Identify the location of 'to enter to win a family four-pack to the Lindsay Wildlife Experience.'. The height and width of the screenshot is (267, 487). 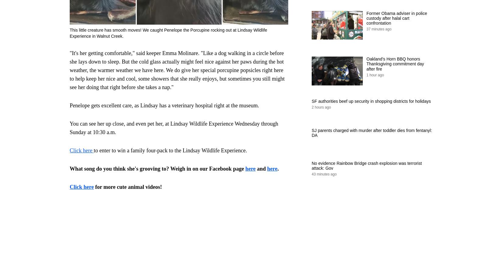
(170, 150).